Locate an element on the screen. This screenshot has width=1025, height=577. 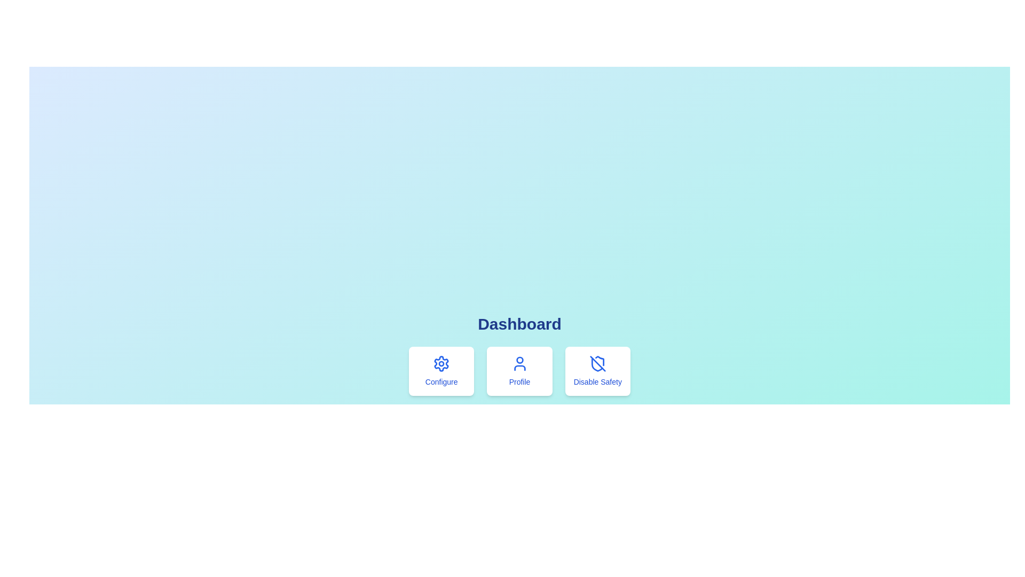
the leftmost button in the grid layout is located at coordinates (441, 370).